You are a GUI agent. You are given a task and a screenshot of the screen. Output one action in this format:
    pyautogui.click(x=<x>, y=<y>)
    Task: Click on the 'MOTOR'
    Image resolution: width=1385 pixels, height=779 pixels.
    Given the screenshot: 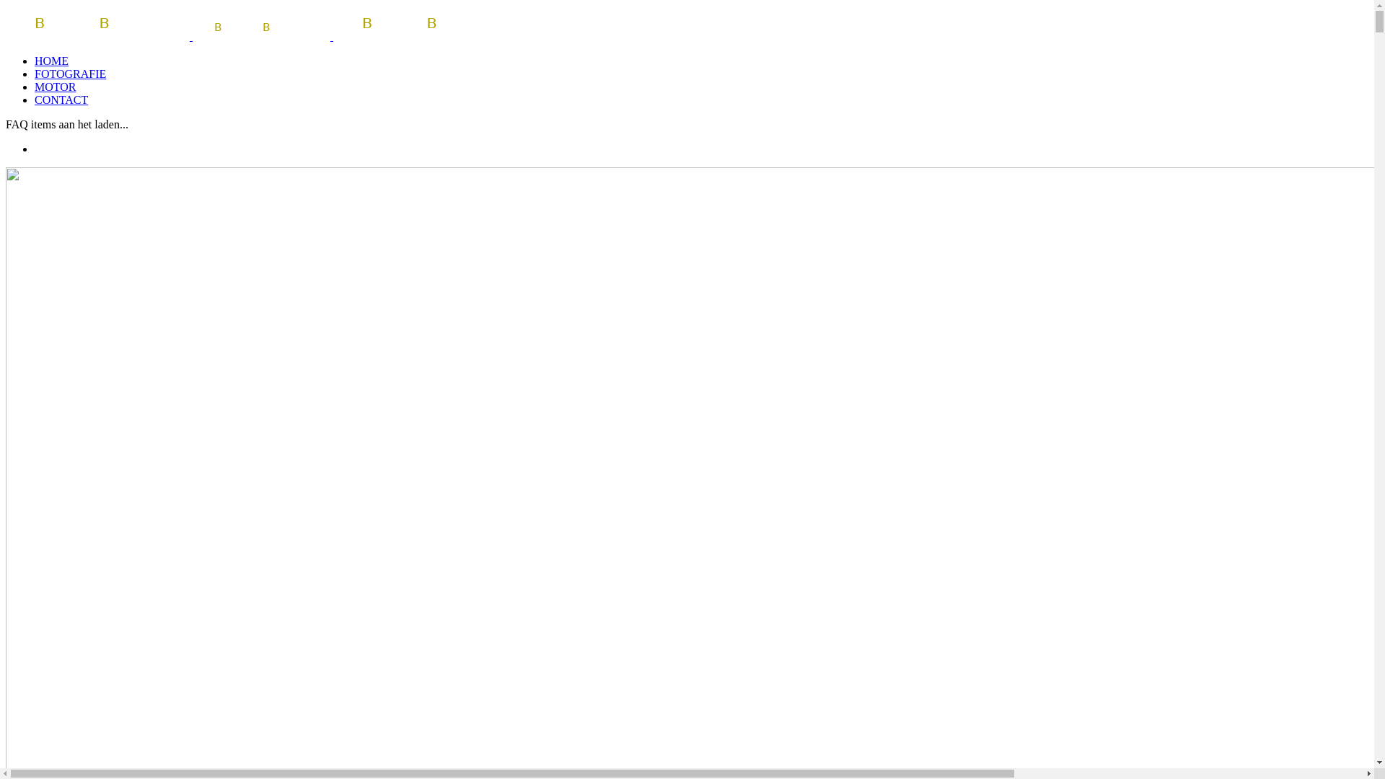 What is the action you would take?
    pyautogui.click(x=55, y=87)
    